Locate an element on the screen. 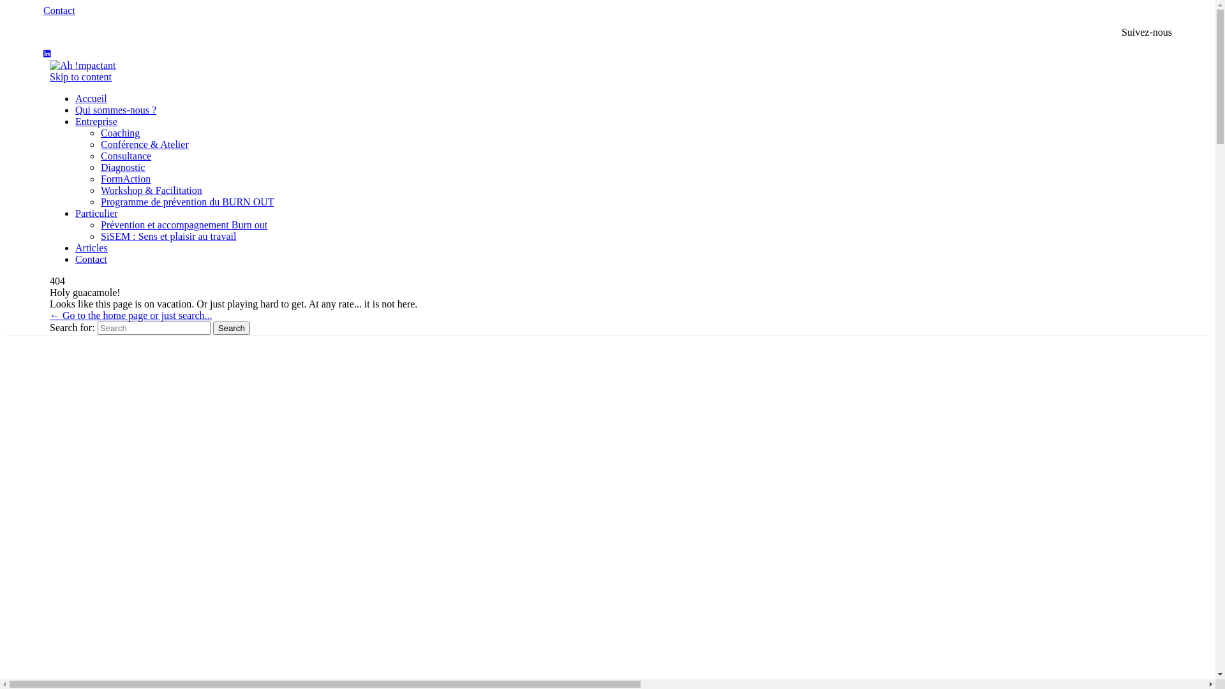 Image resolution: width=1225 pixels, height=689 pixels. 'FormAction' is located at coordinates (125, 179).